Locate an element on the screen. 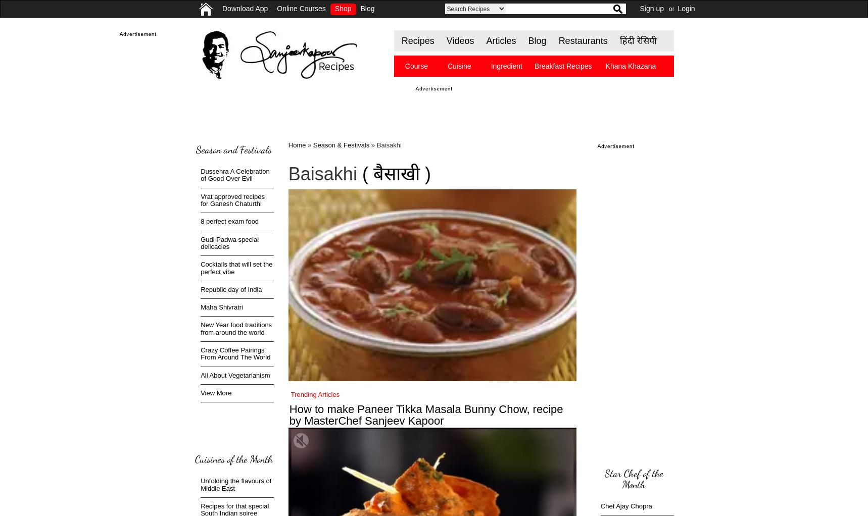 The height and width of the screenshot is (516, 868). 'Recipes' is located at coordinates (417, 40).